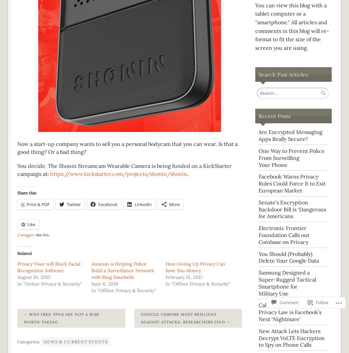 The height and width of the screenshot is (353, 349). I want to click on 'News & Current Events', so click(43, 341).